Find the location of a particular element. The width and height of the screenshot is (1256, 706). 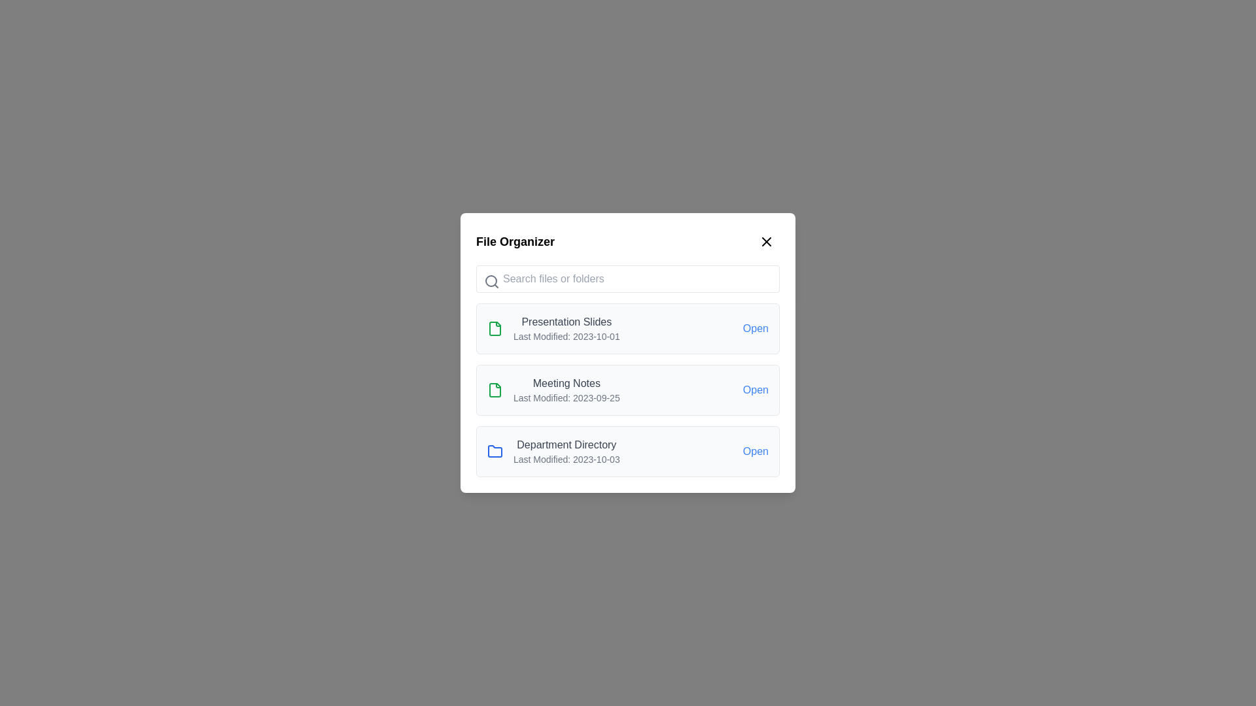

the 'Open' button for Department Directory is located at coordinates (756, 450).